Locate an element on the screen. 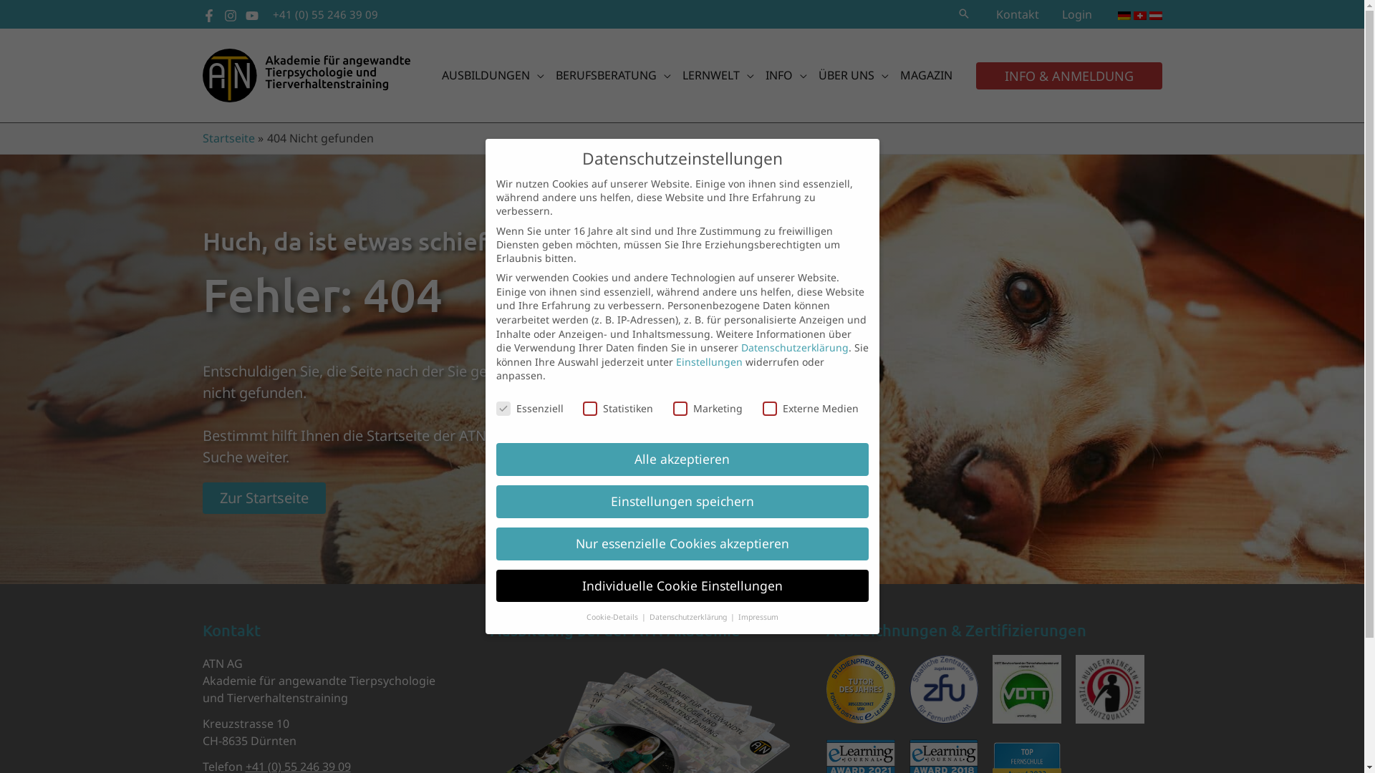 The width and height of the screenshot is (1375, 773). 'Individuelle Cookie Einstellungen' is located at coordinates (680, 585).